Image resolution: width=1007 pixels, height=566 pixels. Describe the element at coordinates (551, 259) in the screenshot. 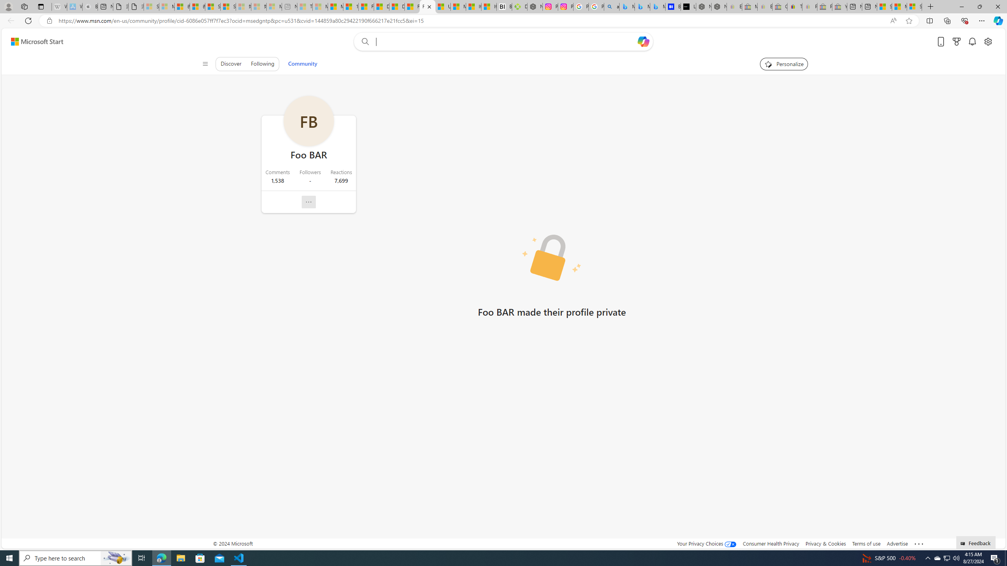

I see `'Private profile picture'` at that location.